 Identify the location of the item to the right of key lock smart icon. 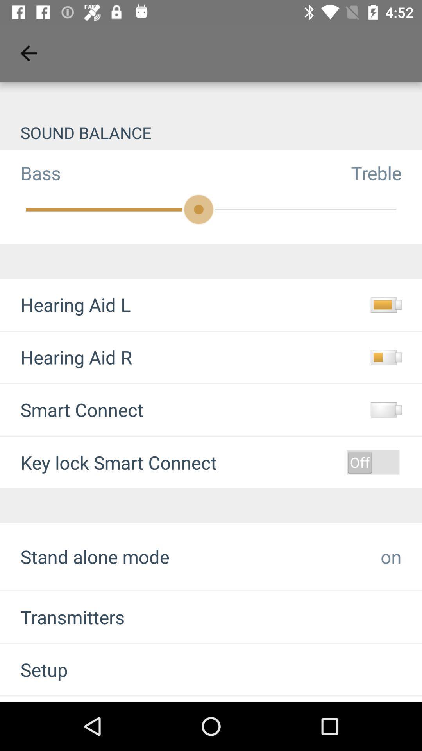
(372, 462).